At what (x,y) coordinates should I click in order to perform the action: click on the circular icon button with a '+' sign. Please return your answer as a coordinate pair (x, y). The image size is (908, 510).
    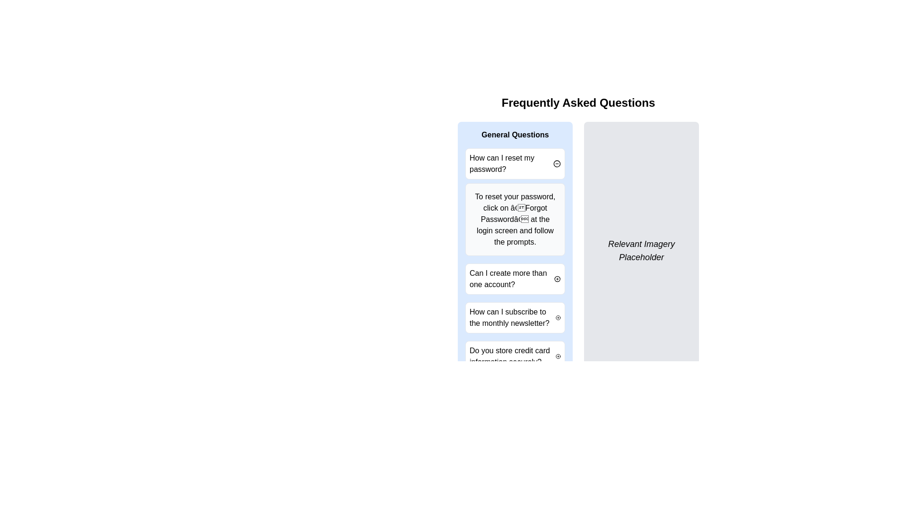
    Looking at the image, I should click on (558, 317).